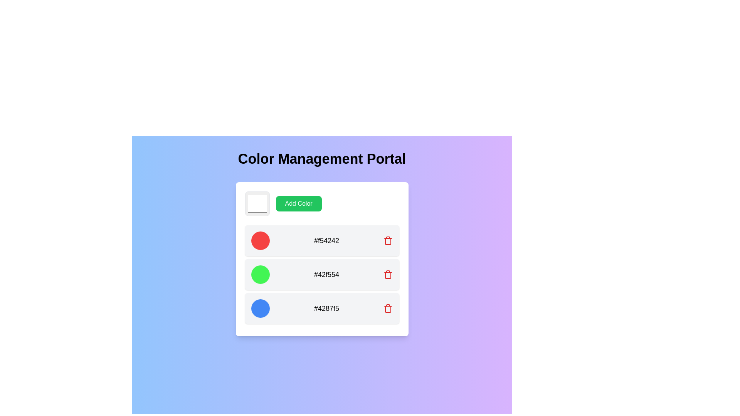 The image size is (740, 416). What do you see at coordinates (326, 308) in the screenshot?
I see `the Static Text Display showing the text '#4287f5', which is styled with a large font and medium weight, located within the third entry of a vertically stacked list, positioned to the right of a blue circular visual and slightly left of a red trash can icon` at bounding box center [326, 308].